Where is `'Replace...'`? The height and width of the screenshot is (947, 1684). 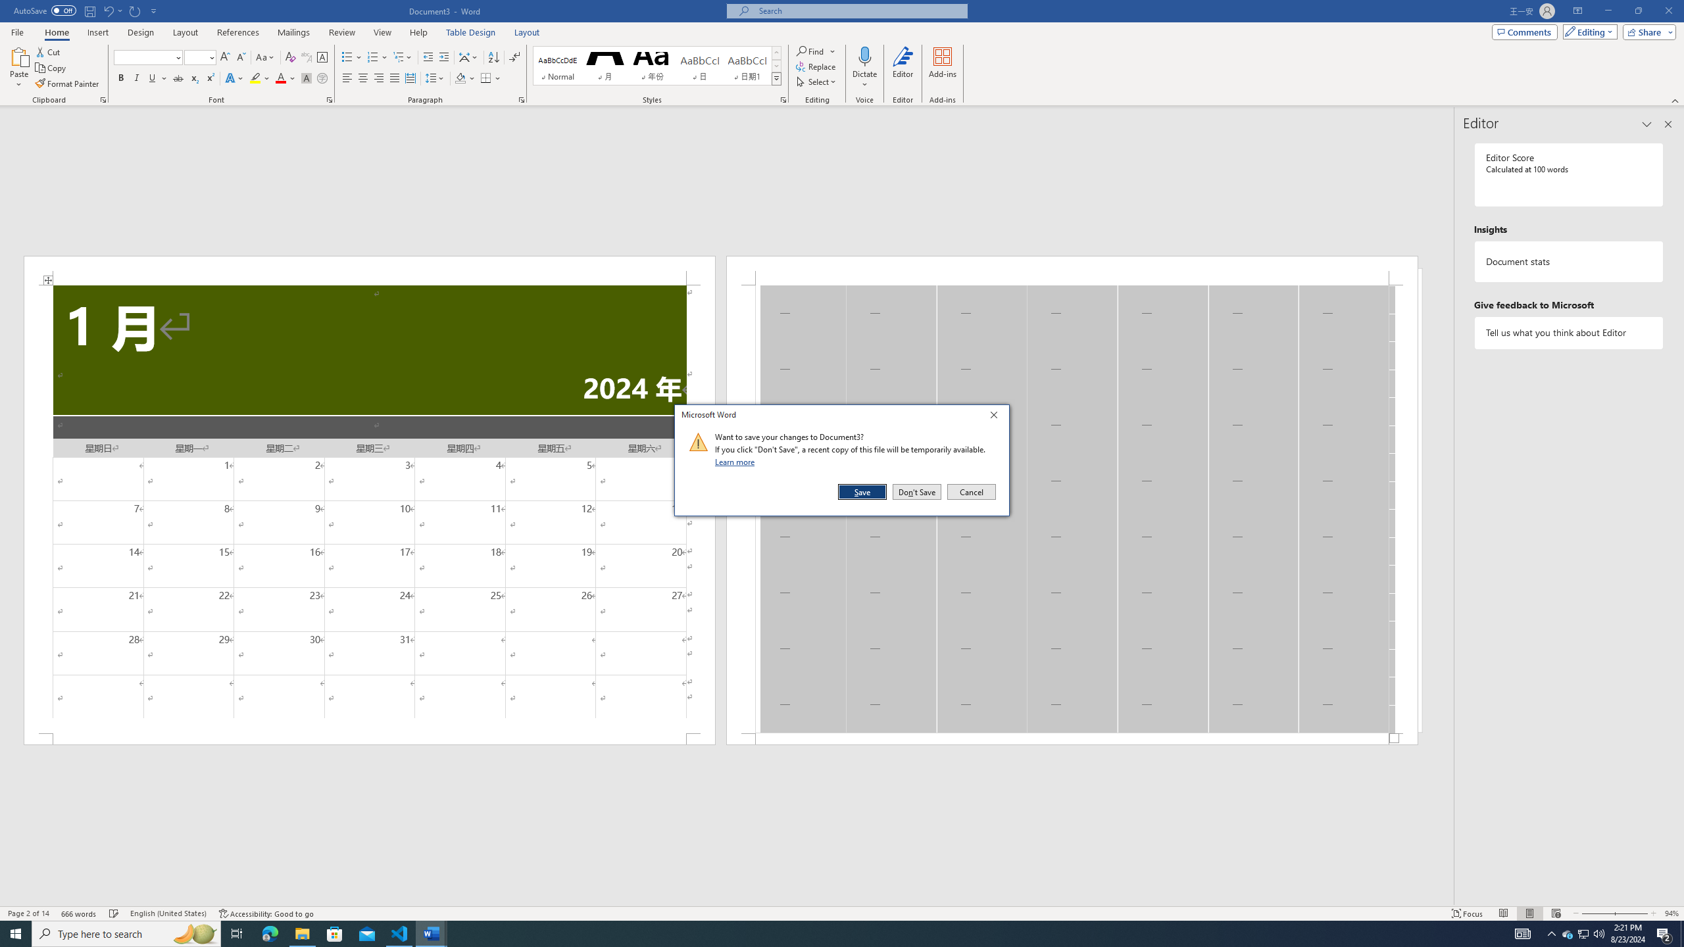 'Replace...' is located at coordinates (816, 65).